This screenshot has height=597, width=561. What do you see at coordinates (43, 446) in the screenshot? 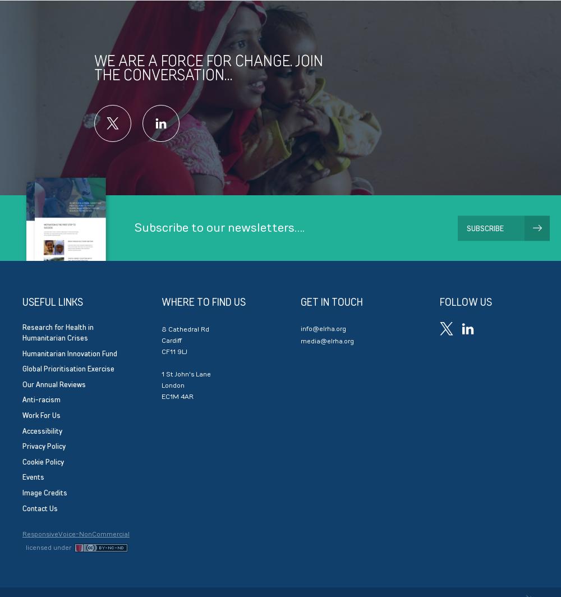
I see `'Privacy Policy'` at bounding box center [43, 446].